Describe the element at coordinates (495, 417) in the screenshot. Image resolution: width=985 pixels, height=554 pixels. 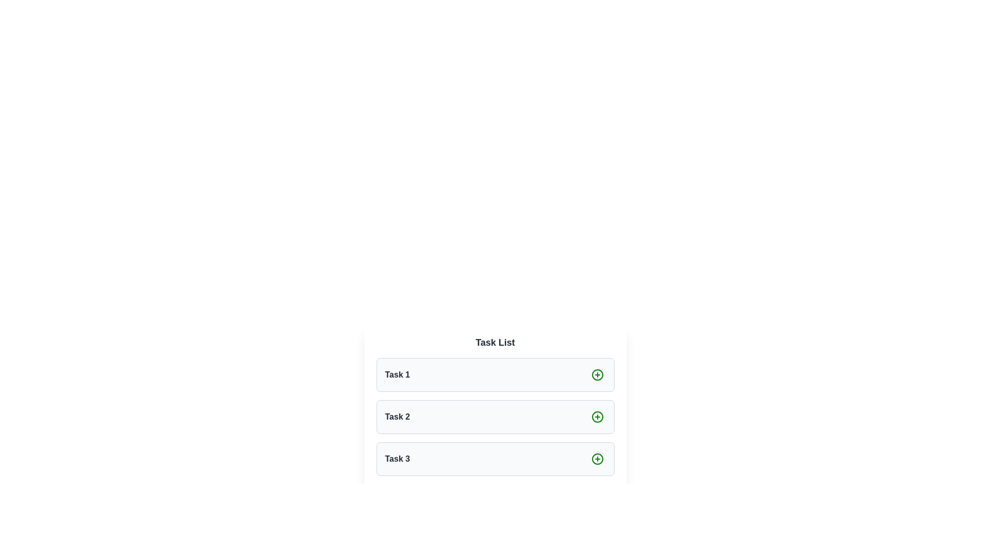
I see `the second task item labeled 'Task 2' in the task list` at that location.